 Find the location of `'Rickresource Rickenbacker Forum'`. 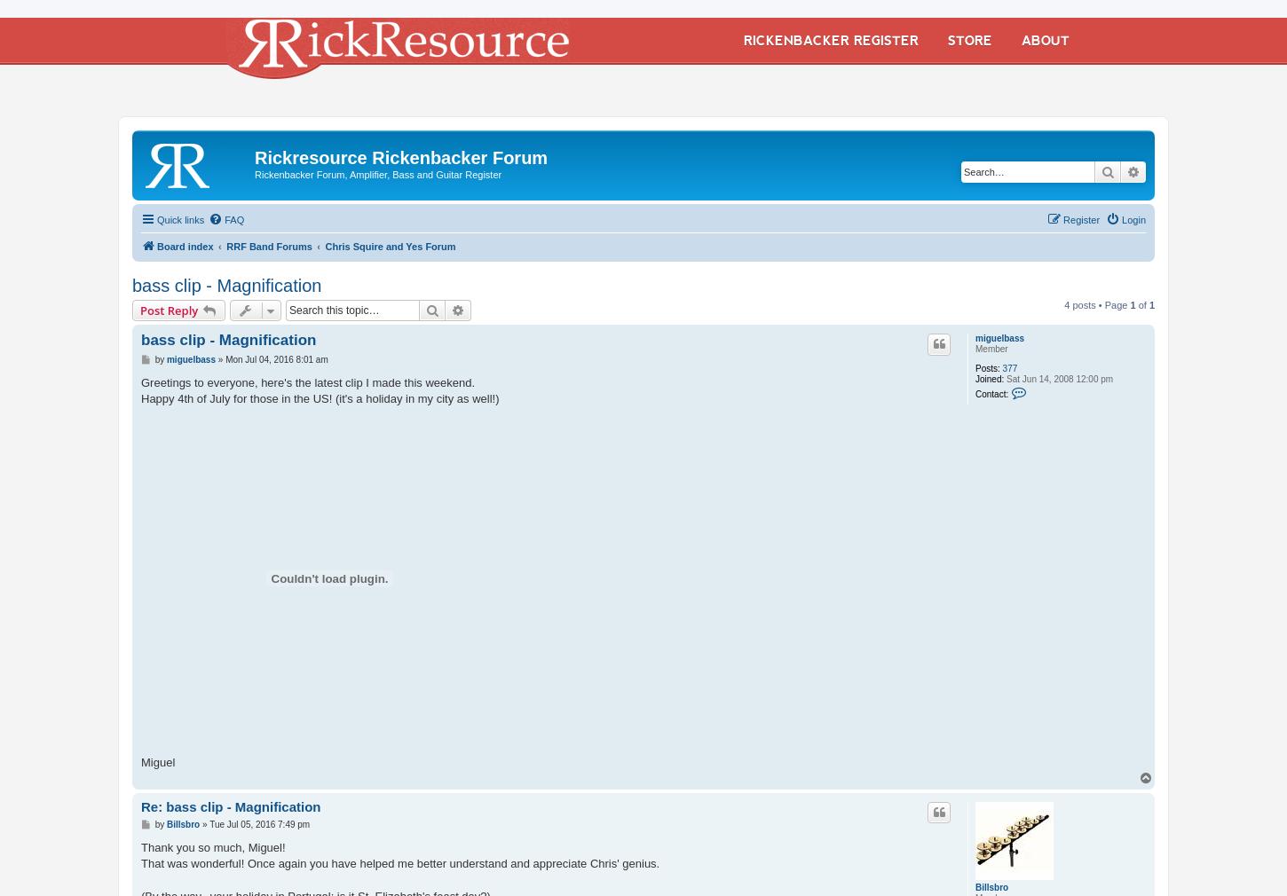

'Rickresource Rickenbacker Forum' is located at coordinates (399, 156).